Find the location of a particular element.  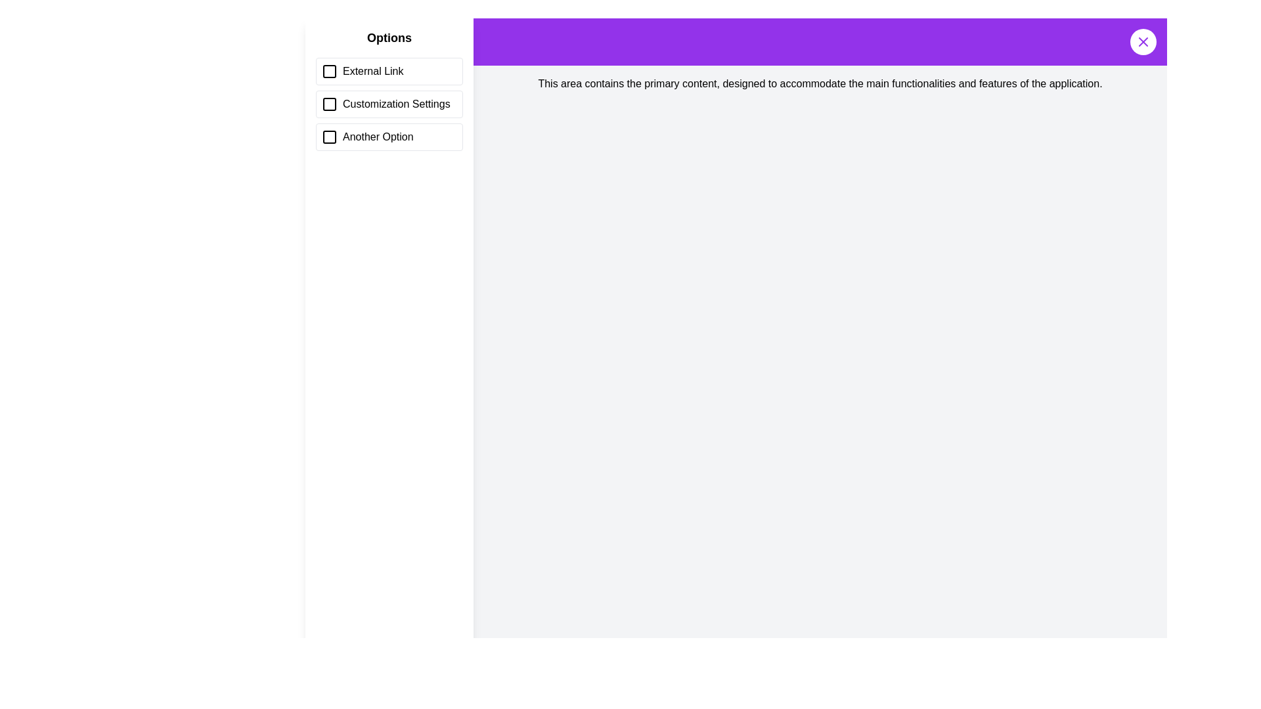

the third button with a checkbox icon located under the 'Options' menu is located at coordinates (389, 137).